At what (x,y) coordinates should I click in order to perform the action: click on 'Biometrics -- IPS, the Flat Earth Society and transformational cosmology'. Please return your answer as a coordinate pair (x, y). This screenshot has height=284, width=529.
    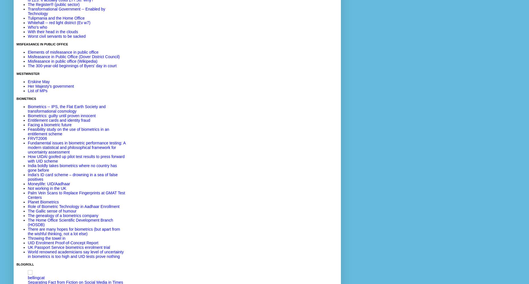
    Looking at the image, I should click on (28, 108).